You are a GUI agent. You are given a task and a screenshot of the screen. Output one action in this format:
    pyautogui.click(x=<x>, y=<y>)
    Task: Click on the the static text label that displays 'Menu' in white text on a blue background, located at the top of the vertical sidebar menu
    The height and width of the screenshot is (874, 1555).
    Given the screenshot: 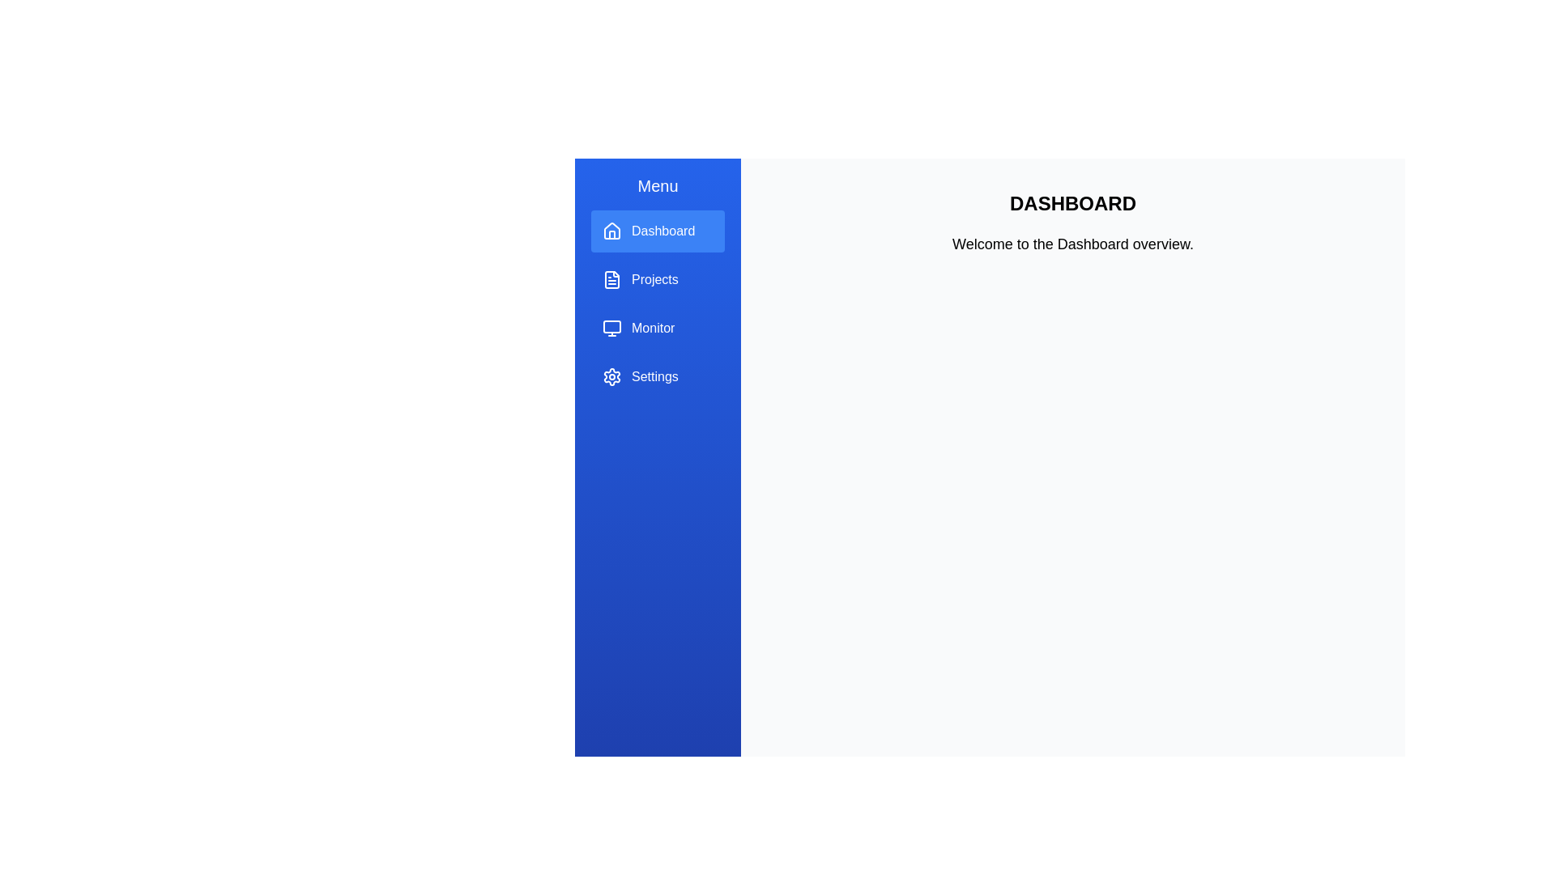 What is the action you would take?
    pyautogui.click(x=658, y=185)
    